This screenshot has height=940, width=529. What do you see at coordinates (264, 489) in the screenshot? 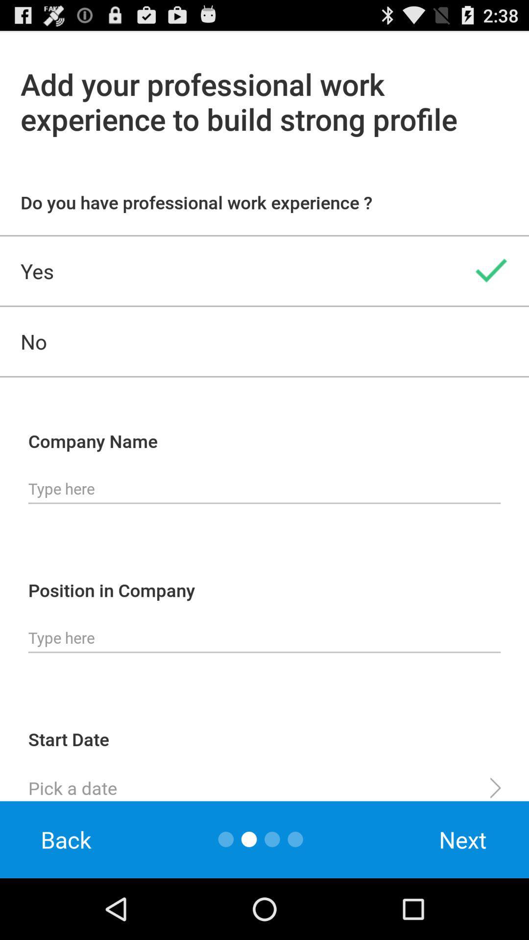
I see `fill in the company name` at bounding box center [264, 489].